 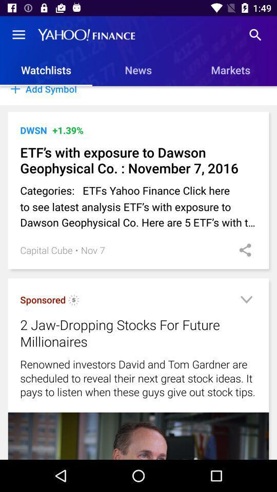 What do you see at coordinates (18, 35) in the screenshot?
I see `item above the watchlists icon` at bounding box center [18, 35].